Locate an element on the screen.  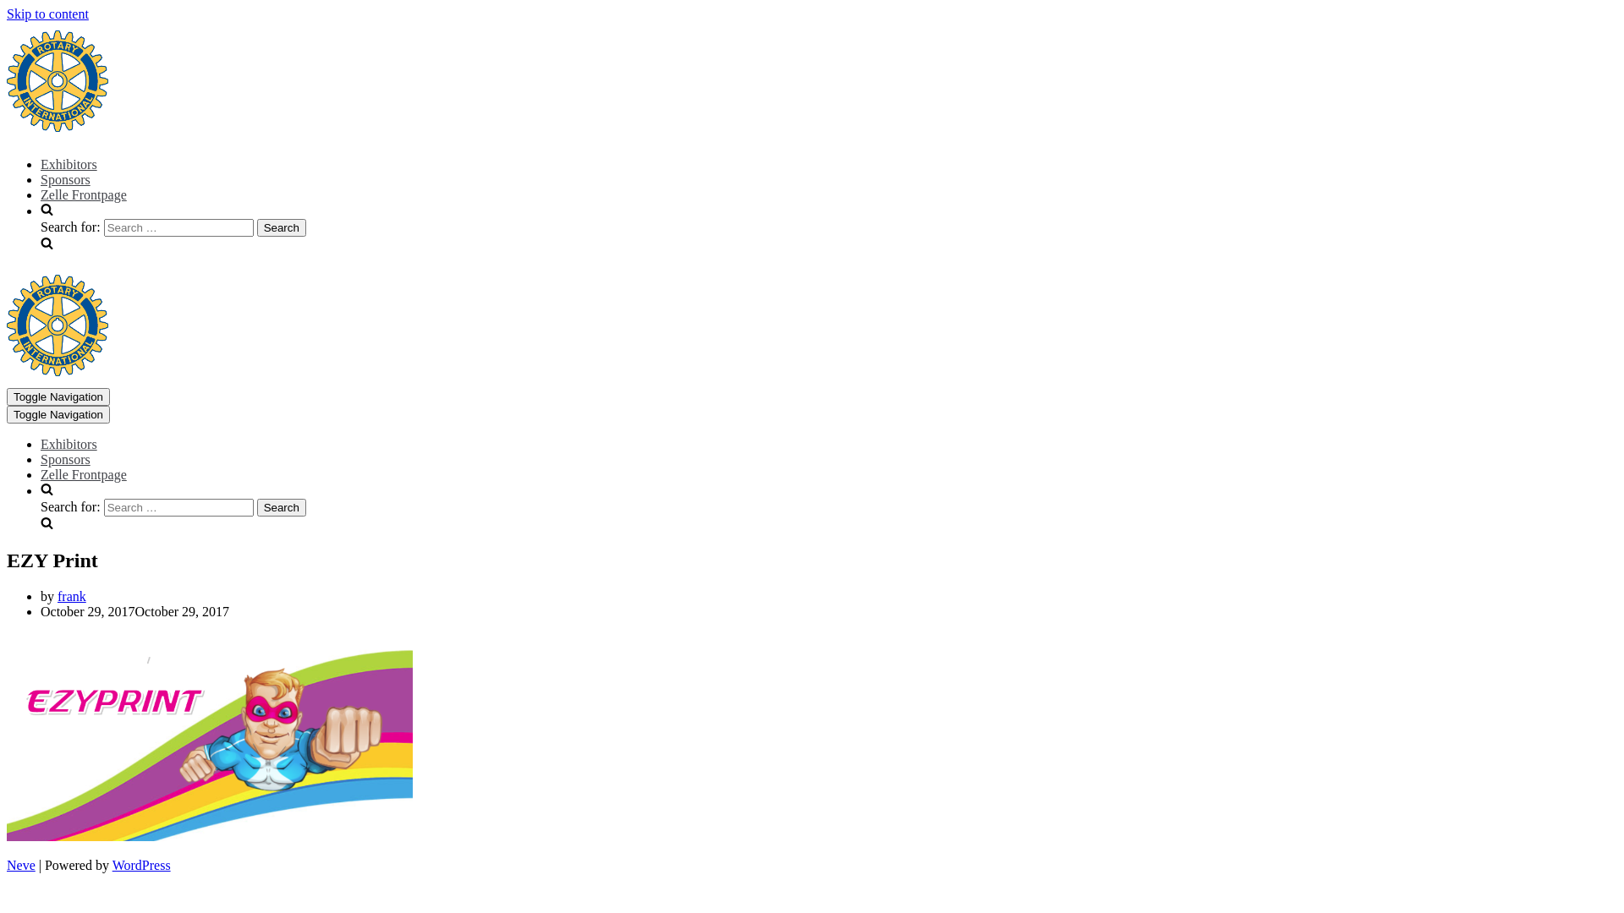
'Skip to content' is located at coordinates (47, 14).